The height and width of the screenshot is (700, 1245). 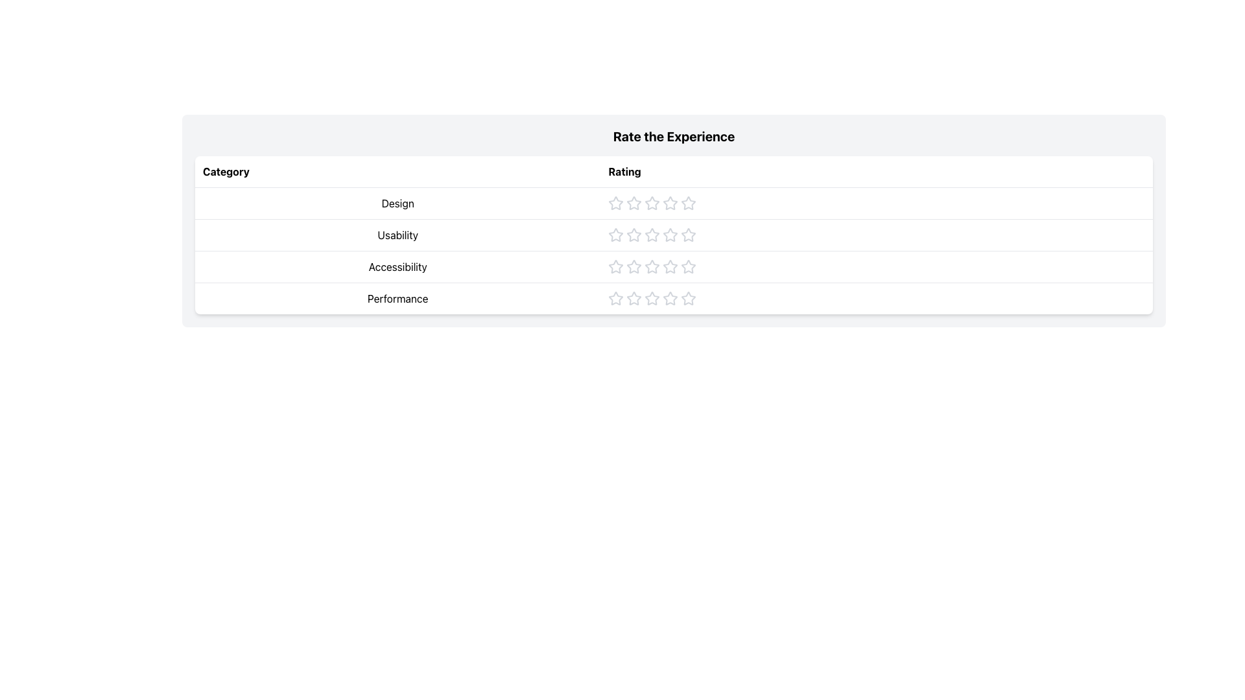 What do you see at coordinates (397, 266) in the screenshot?
I see `the text label reading 'Accessibility' located in the third row of the 'Category' column in the table layout` at bounding box center [397, 266].